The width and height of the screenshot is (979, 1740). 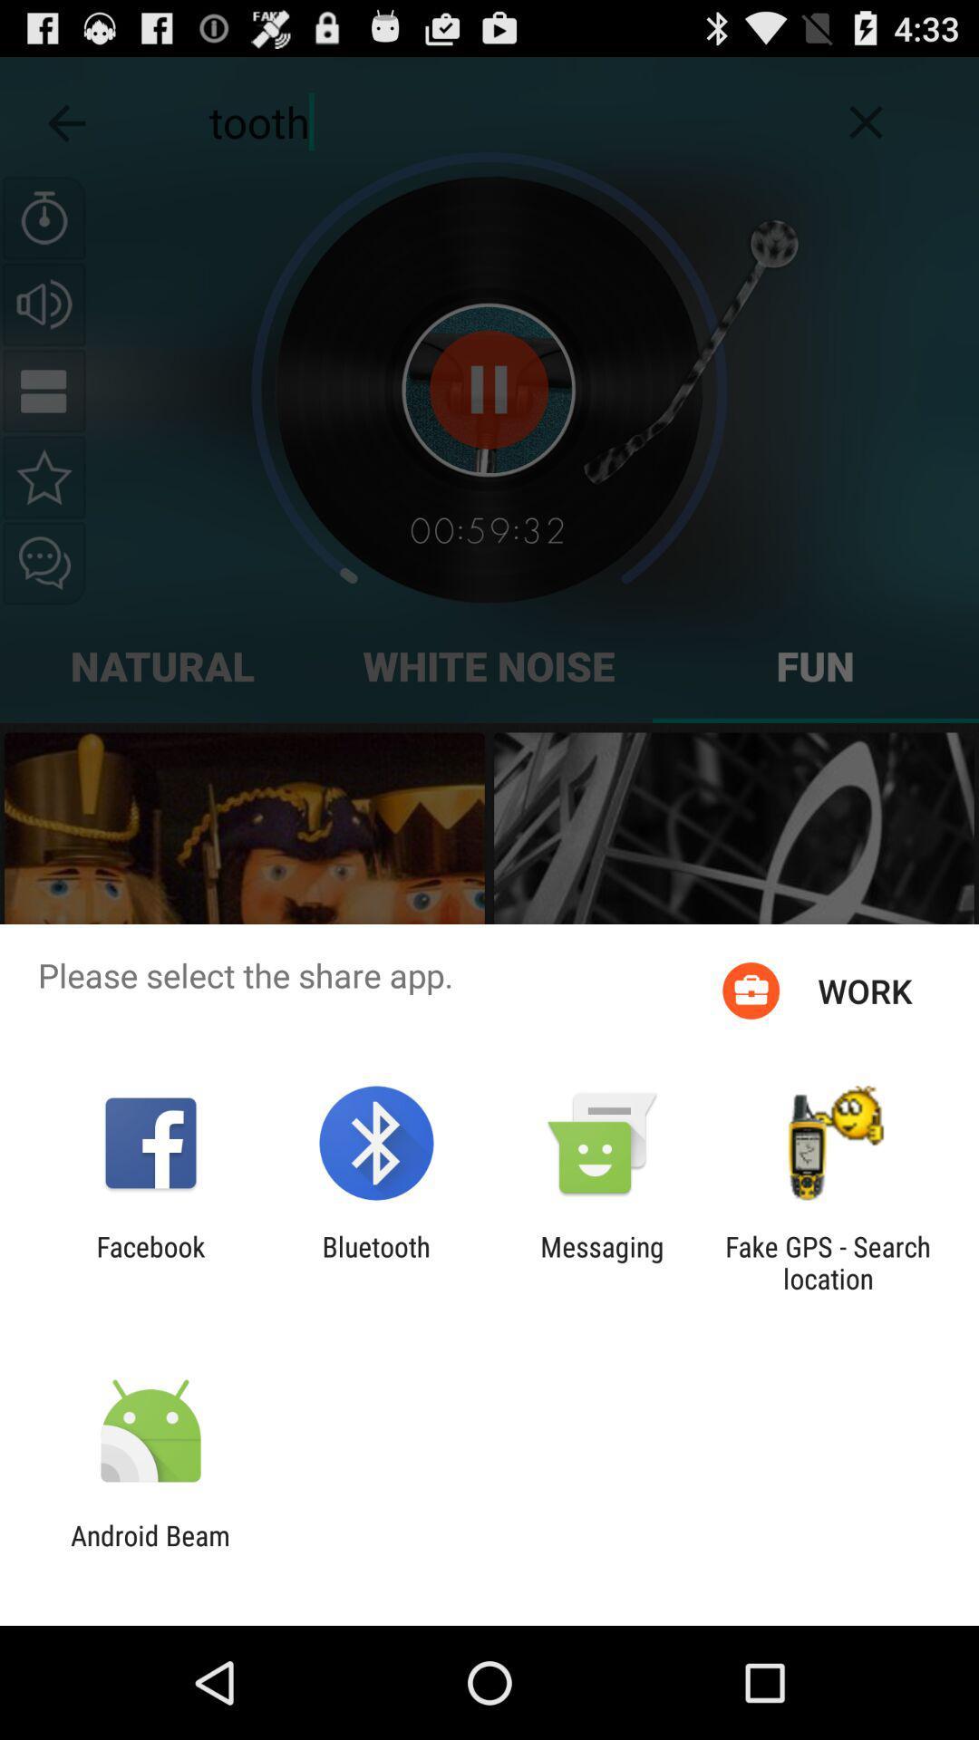 What do you see at coordinates (828, 1261) in the screenshot?
I see `the fake gps search icon` at bounding box center [828, 1261].